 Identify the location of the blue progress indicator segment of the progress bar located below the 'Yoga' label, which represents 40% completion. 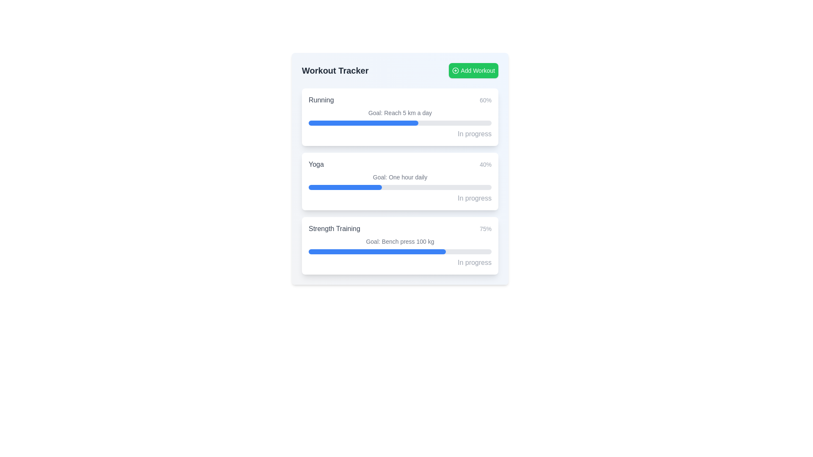
(345, 187).